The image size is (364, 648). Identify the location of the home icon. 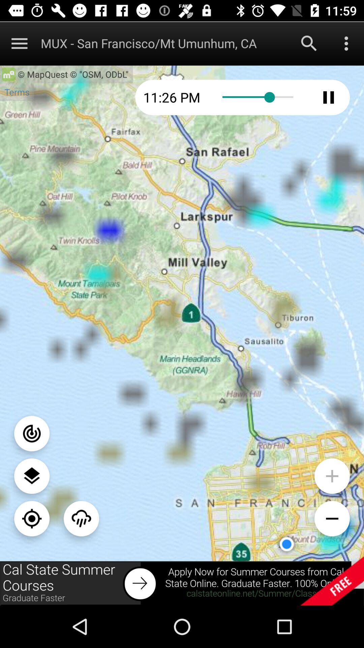
(9, 74).